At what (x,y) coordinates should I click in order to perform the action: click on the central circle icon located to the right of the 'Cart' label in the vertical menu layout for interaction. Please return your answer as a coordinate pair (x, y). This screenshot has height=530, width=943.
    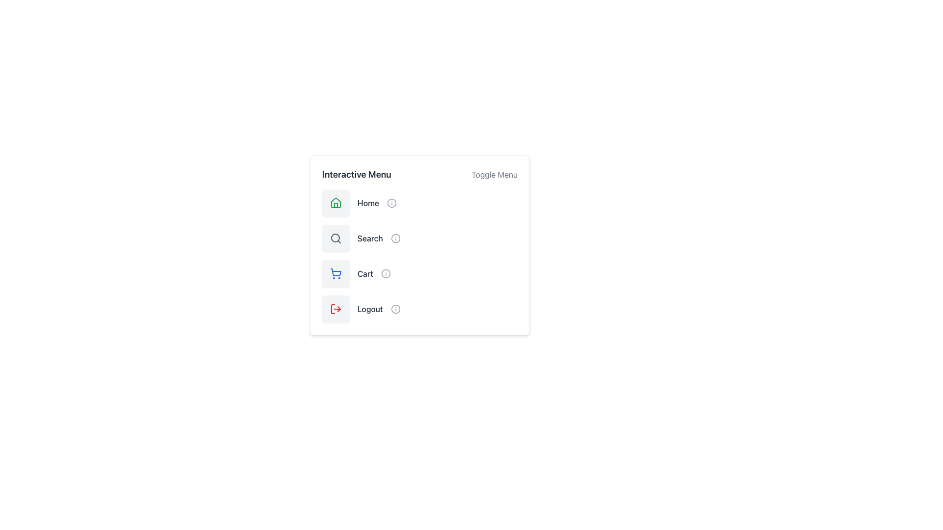
    Looking at the image, I should click on (386, 274).